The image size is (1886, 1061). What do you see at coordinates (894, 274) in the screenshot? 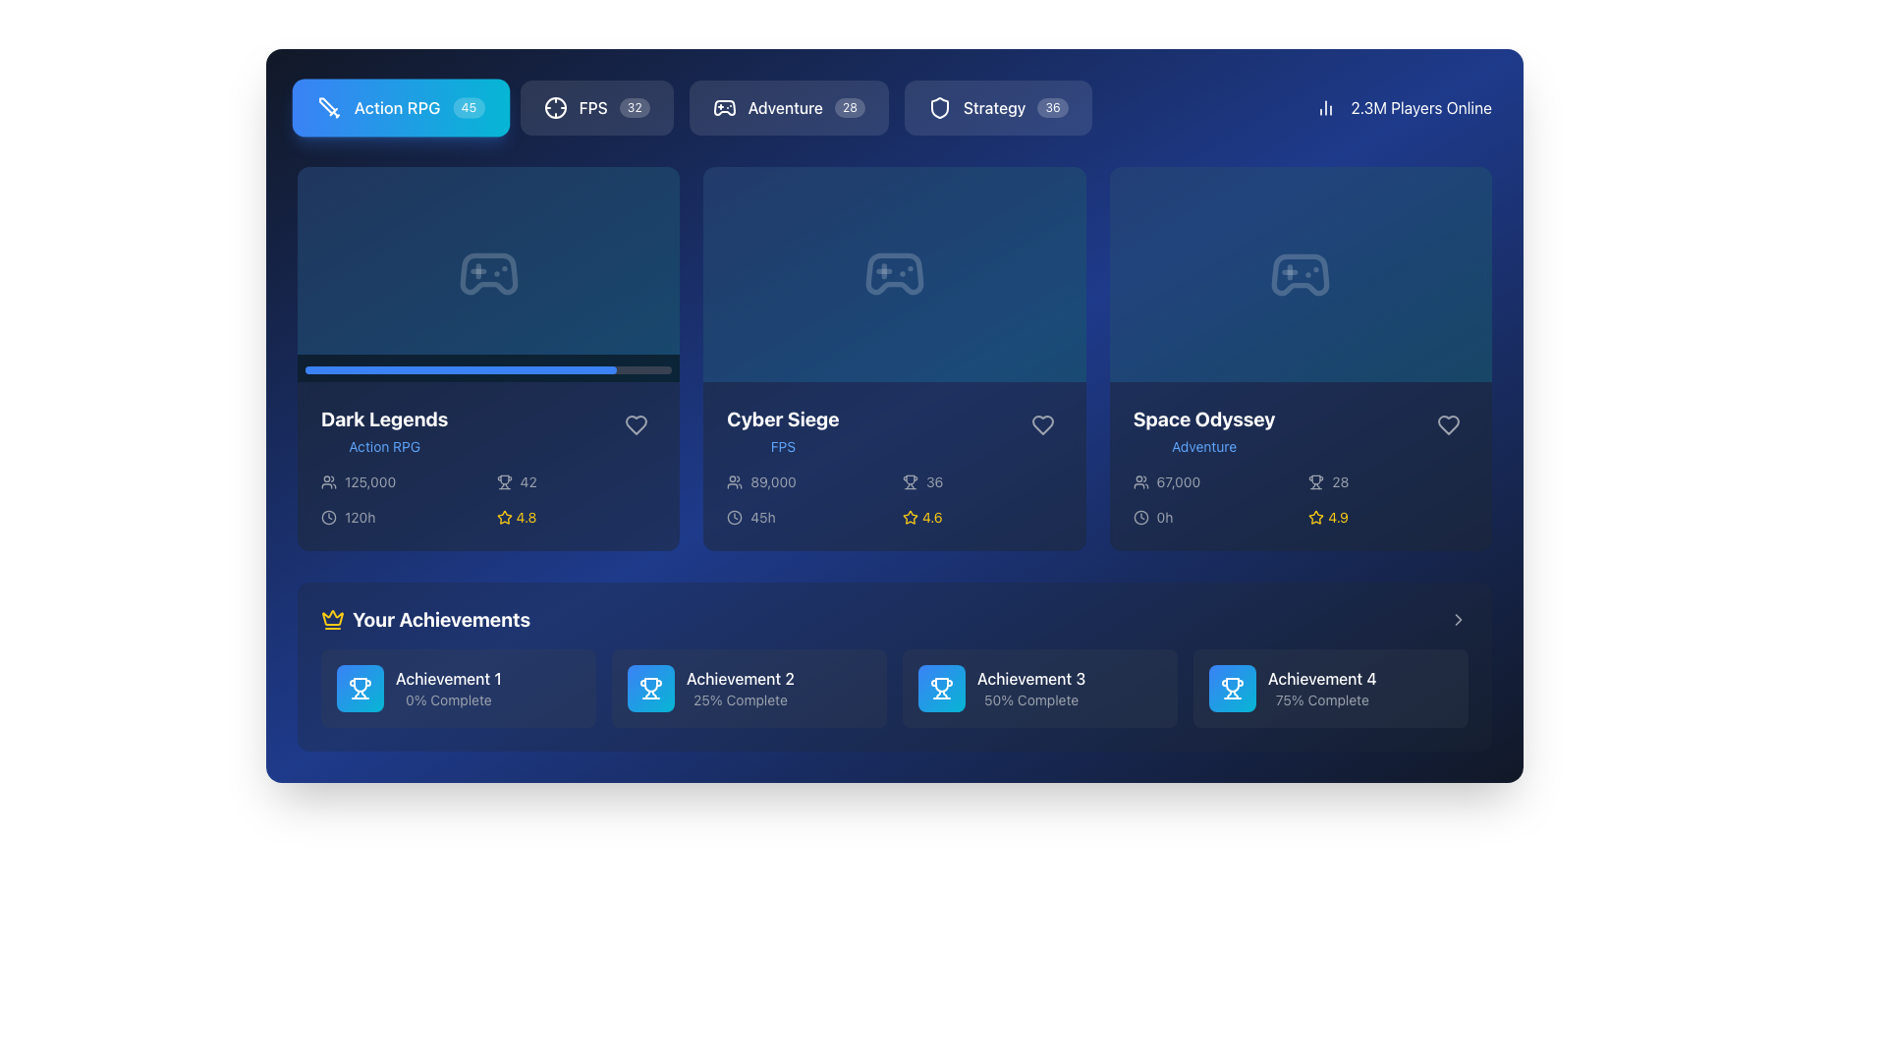
I see `the minimalistic gamepad icon, which is centrally located in the second card of three horizontal cards, beneath the game categories section` at bounding box center [894, 274].